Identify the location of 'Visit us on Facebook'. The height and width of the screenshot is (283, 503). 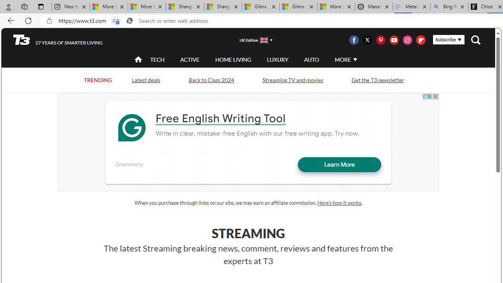
(354, 40).